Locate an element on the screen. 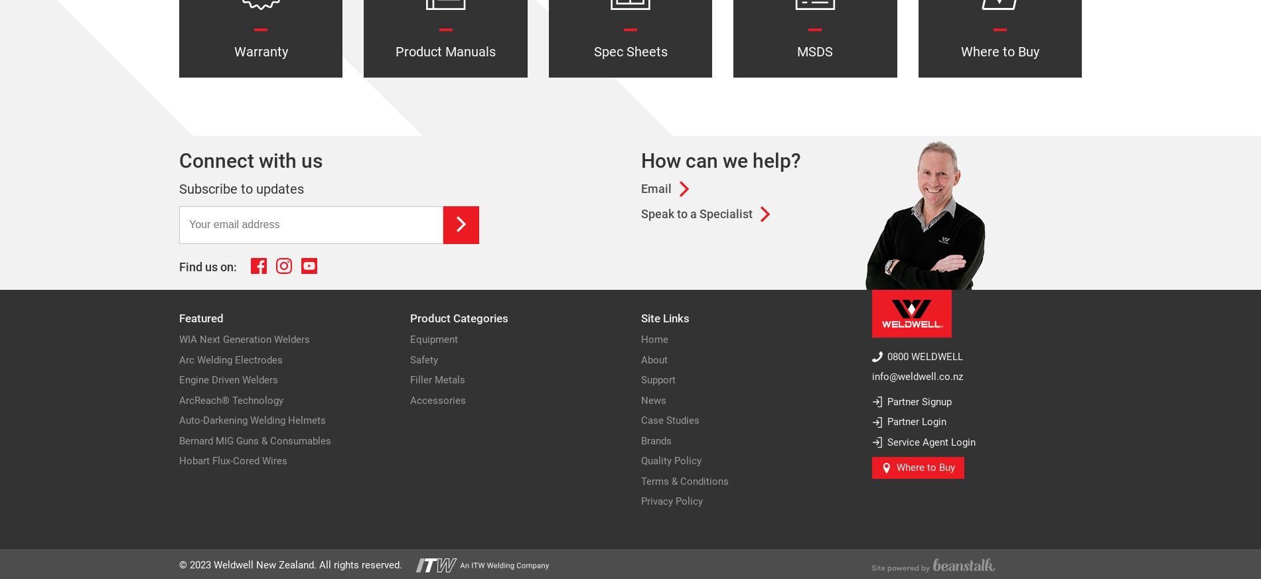  'MSDS' is located at coordinates (814, 50).